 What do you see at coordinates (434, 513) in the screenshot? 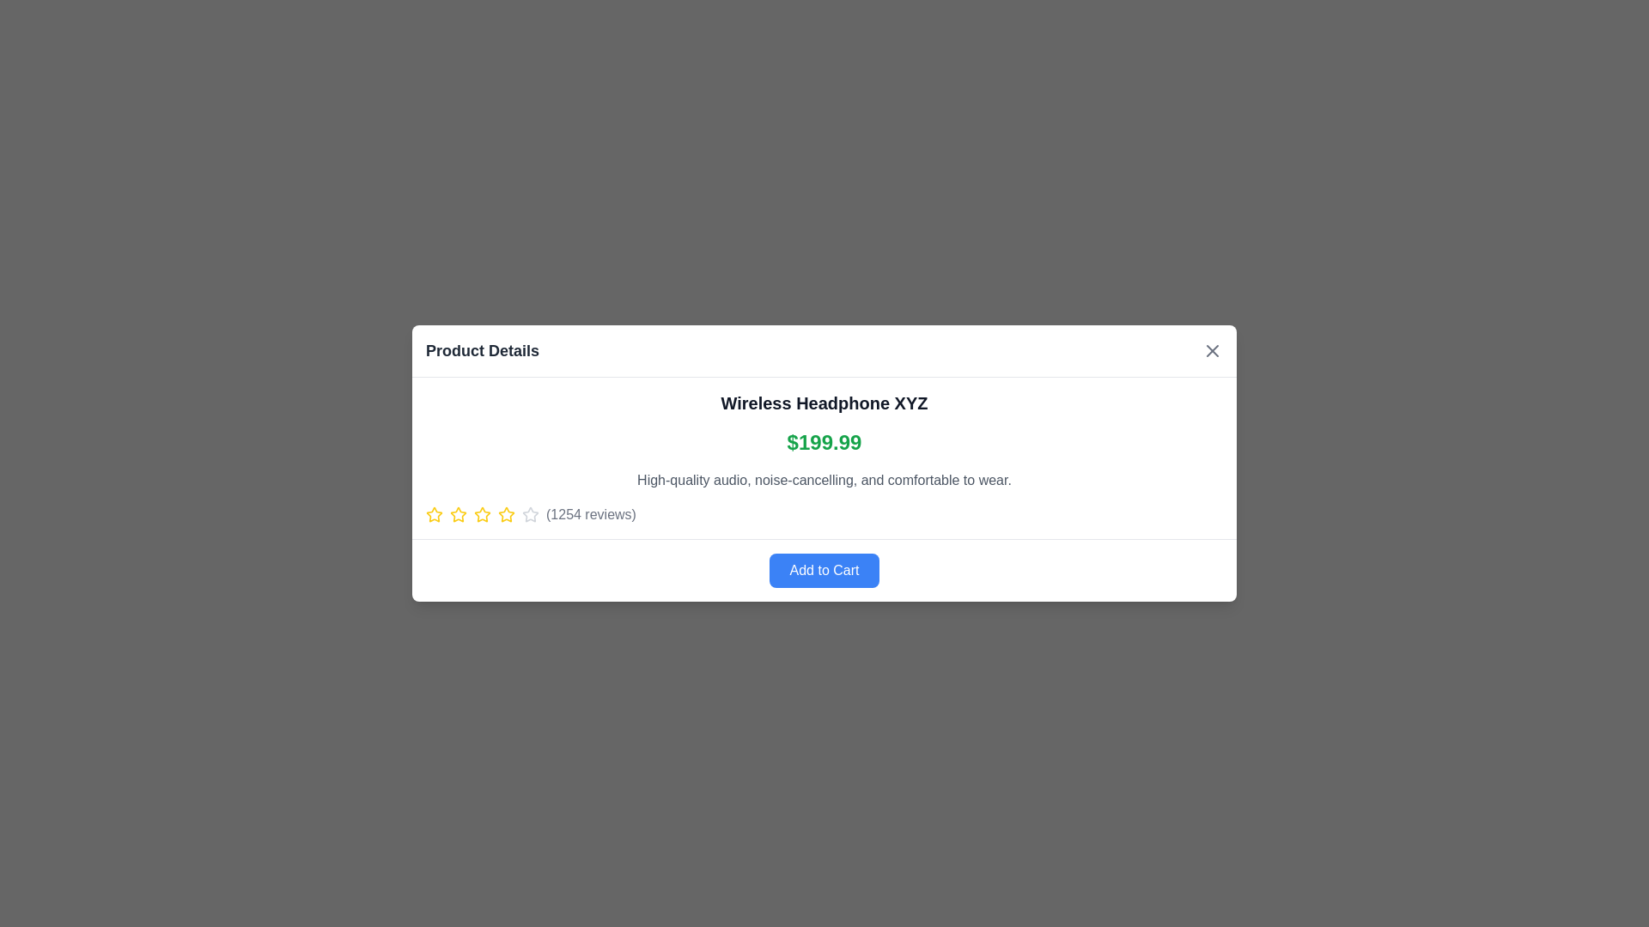
I see `the first yellow five-pointed star icon used for rating` at bounding box center [434, 513].